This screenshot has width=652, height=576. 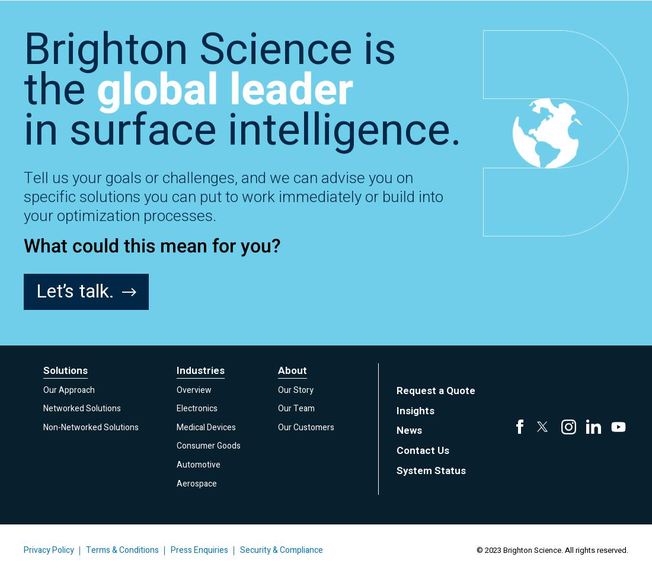 I want to click on 'News', so click(x=408, y=430).